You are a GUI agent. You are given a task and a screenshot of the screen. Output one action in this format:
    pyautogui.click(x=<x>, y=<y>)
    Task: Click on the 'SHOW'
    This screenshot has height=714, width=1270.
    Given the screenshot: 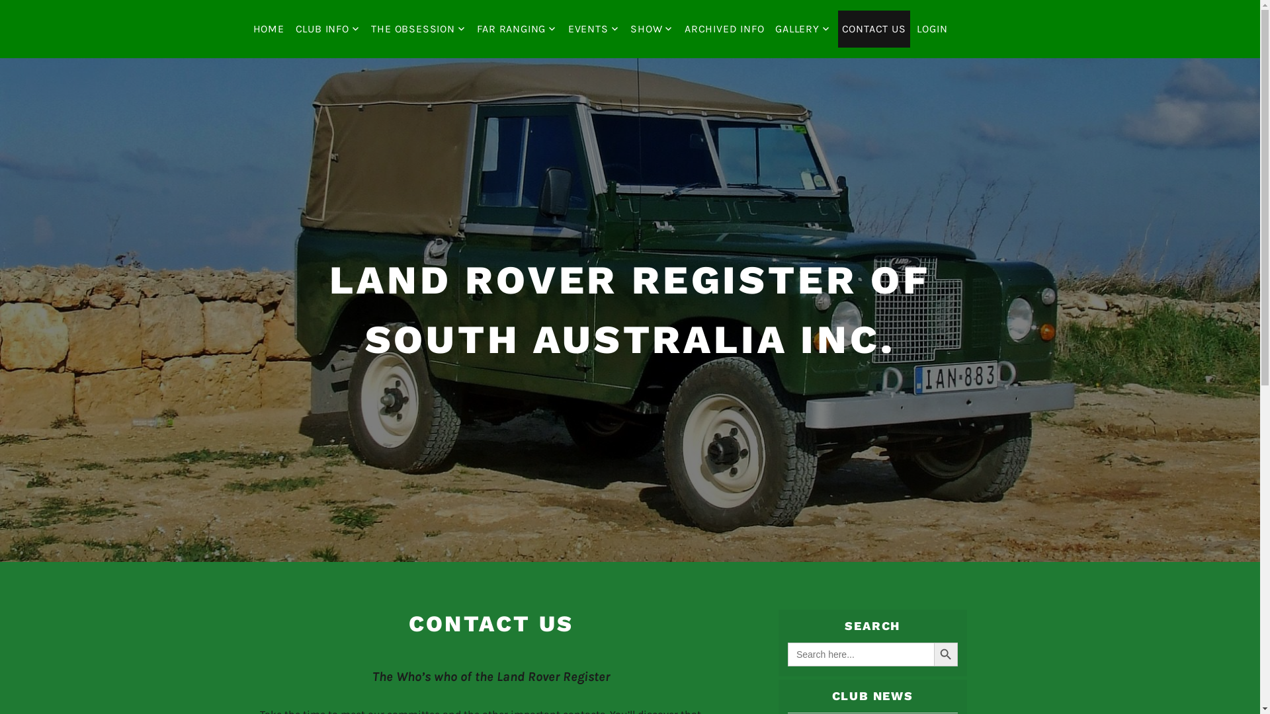 What is the action you would take?
    pyautogui.click(x=652, y=28)
    